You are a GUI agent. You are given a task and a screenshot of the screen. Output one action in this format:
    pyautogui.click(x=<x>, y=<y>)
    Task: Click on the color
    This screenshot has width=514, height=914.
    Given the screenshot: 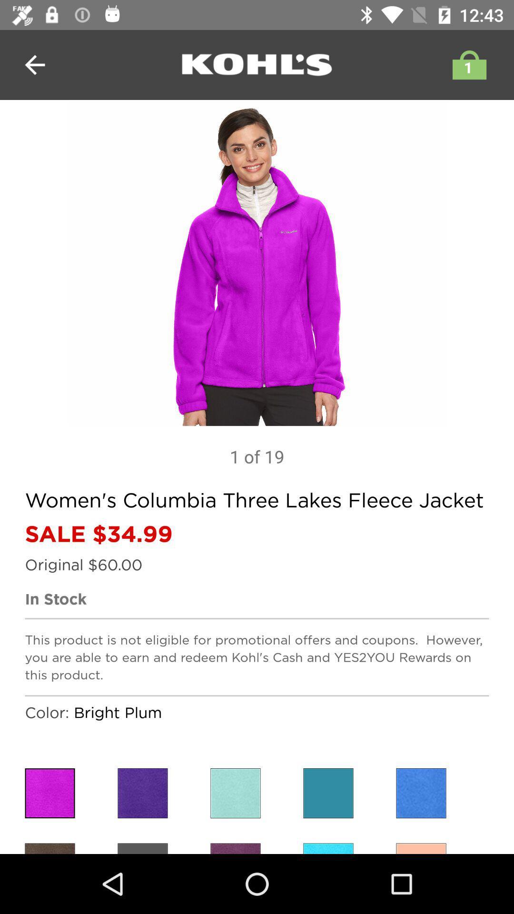 What is the action you would take?
    pyautogui.click(x=328, y=793)
    